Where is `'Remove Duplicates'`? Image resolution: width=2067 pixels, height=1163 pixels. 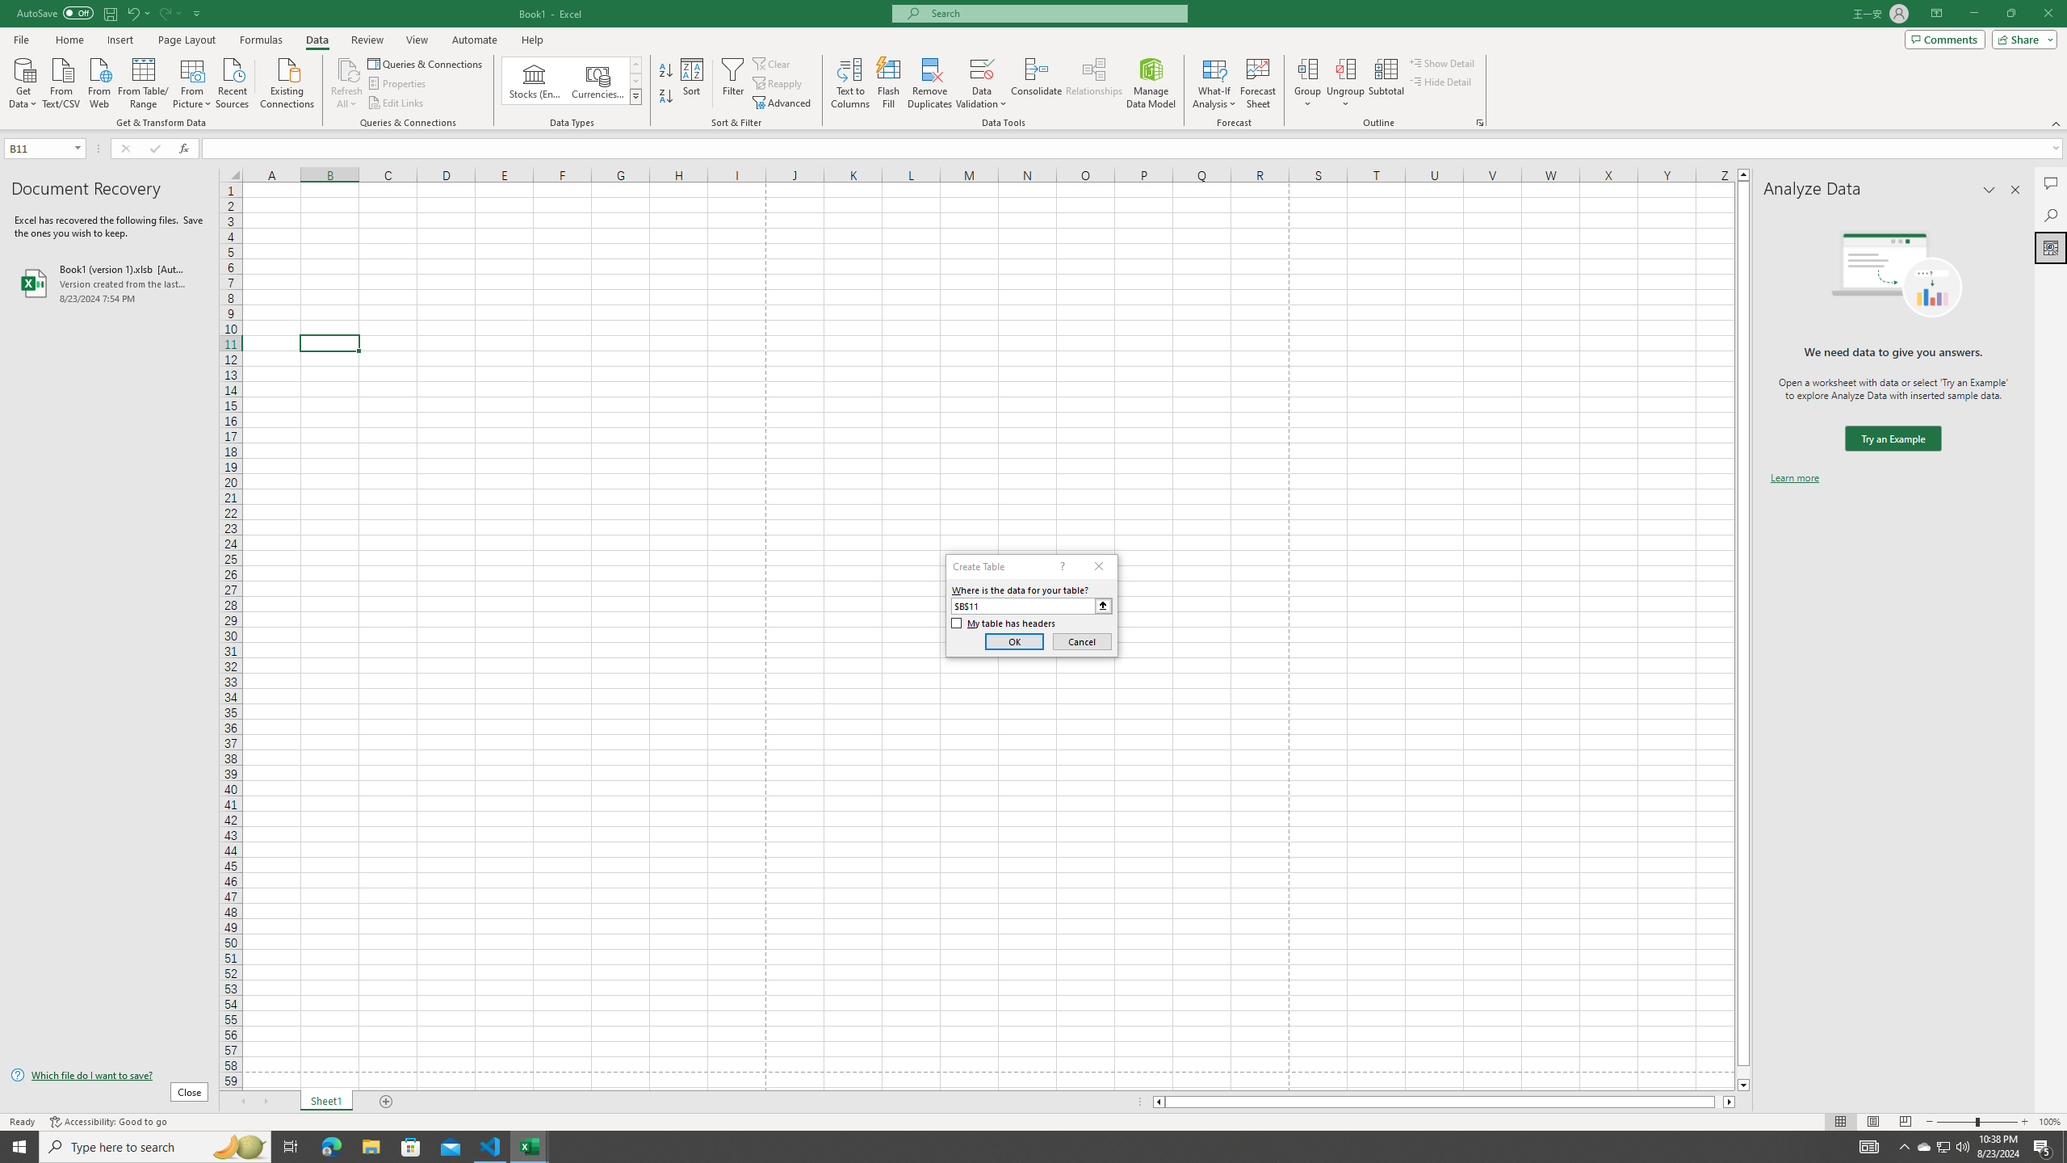 'Remove Duplicates' is located at coordinates (929, 83).